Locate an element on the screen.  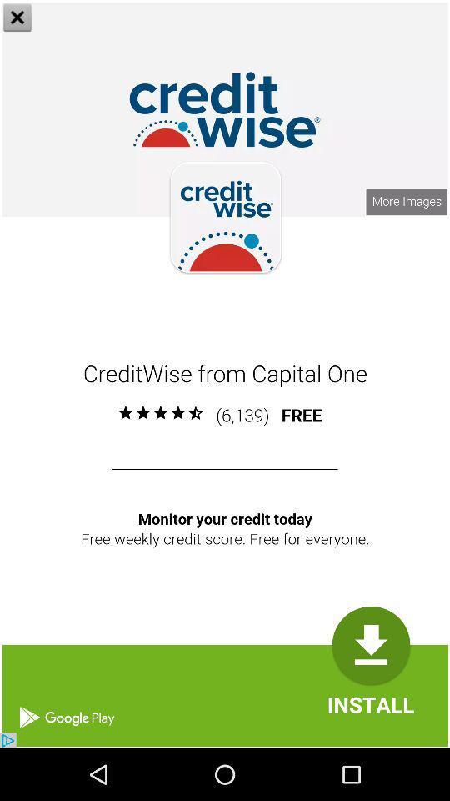
the close icon is located at coordinates (17, 18).